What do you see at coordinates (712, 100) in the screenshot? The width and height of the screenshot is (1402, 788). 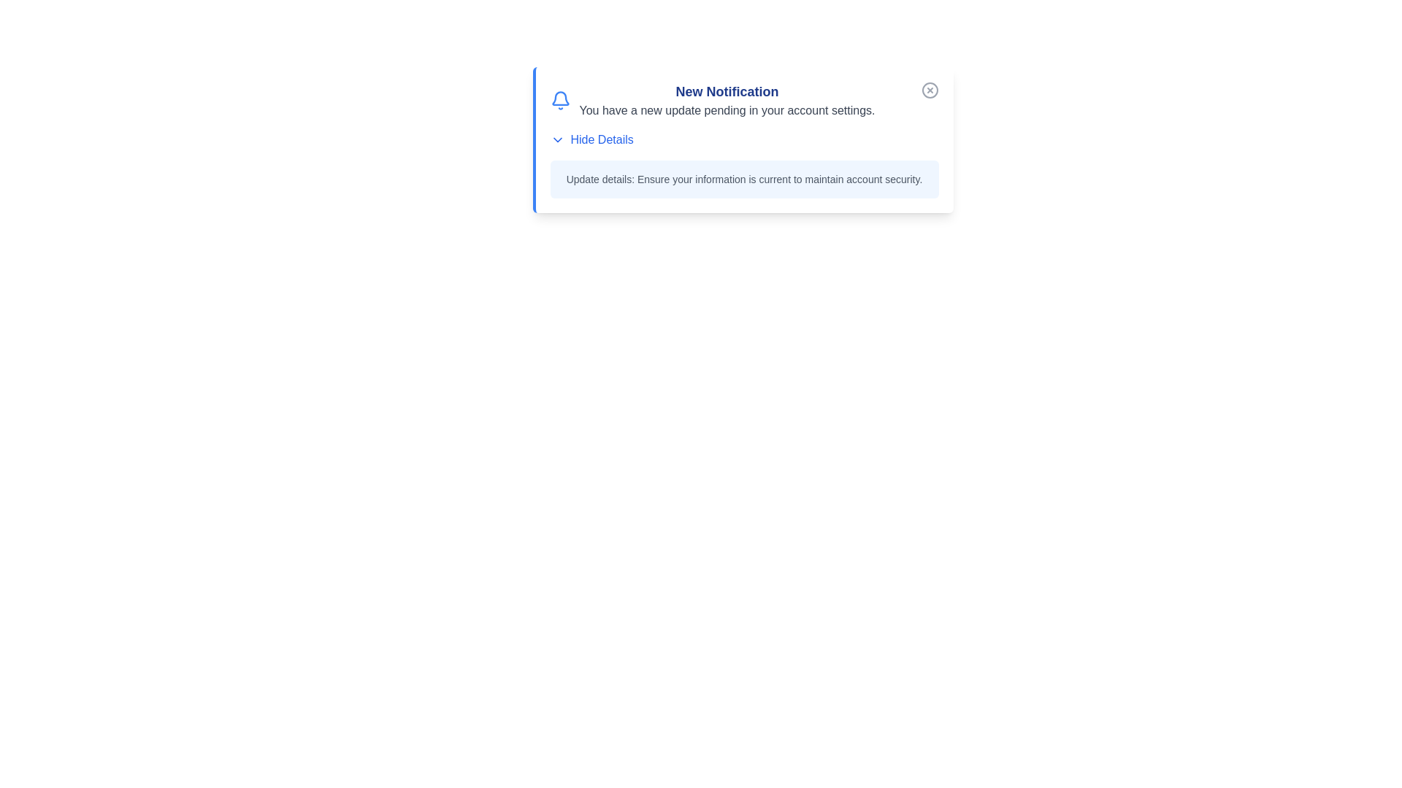 I see `text from the notification header displayed in the text block with an icon located under the notification icon and surrounded by a blue-bordered background` at bounding box center [712, 100].